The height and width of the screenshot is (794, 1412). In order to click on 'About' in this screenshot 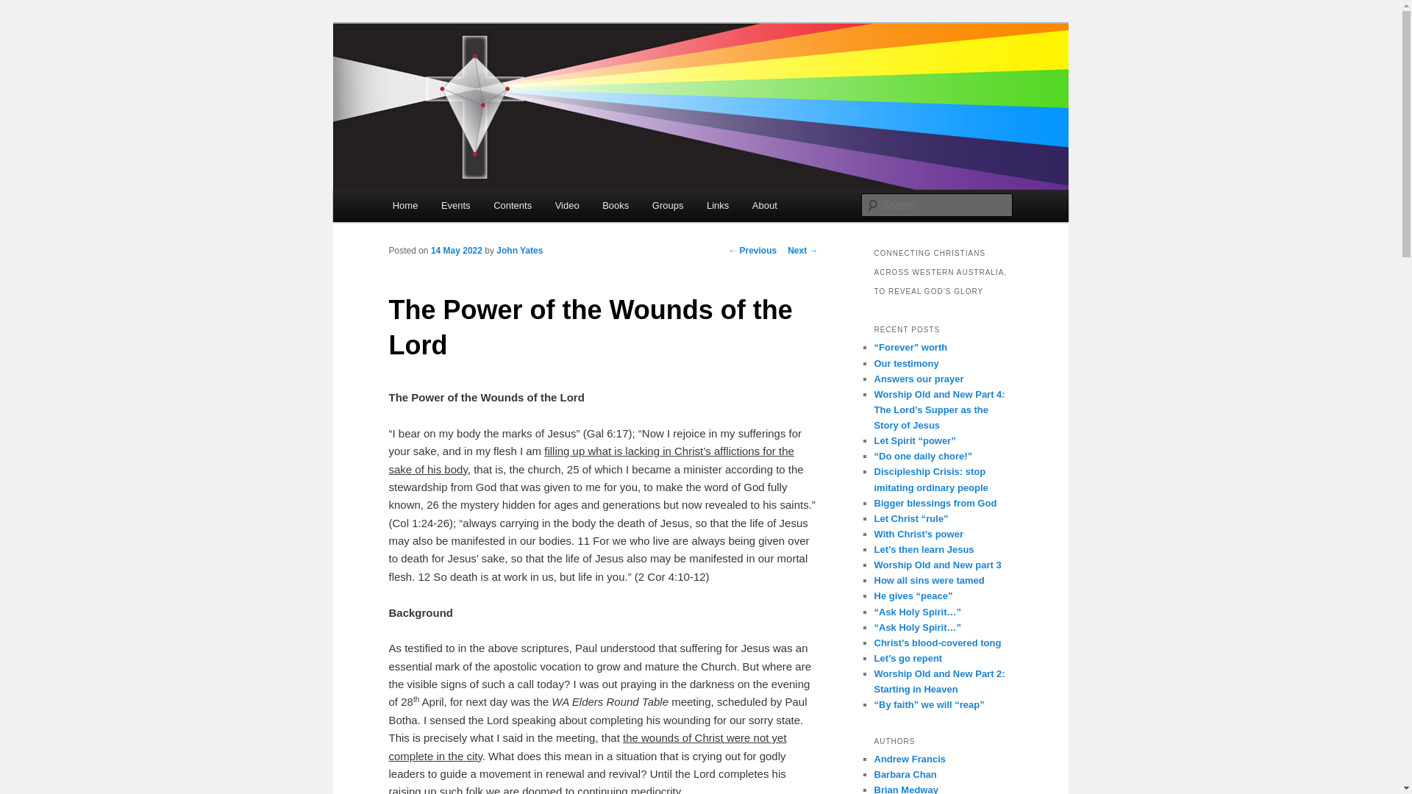, I will do `click(764, 205)`.